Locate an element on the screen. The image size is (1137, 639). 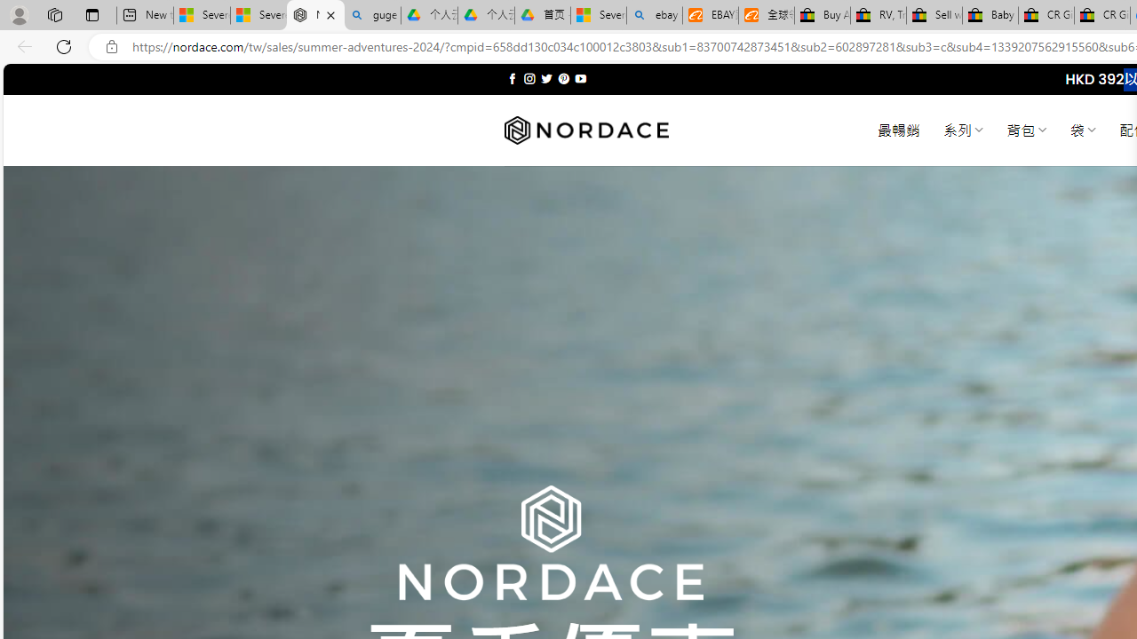
'RV, Trailer & Camper Steps & Ladders for sale | eBay' is located at coordinates (878, 15).